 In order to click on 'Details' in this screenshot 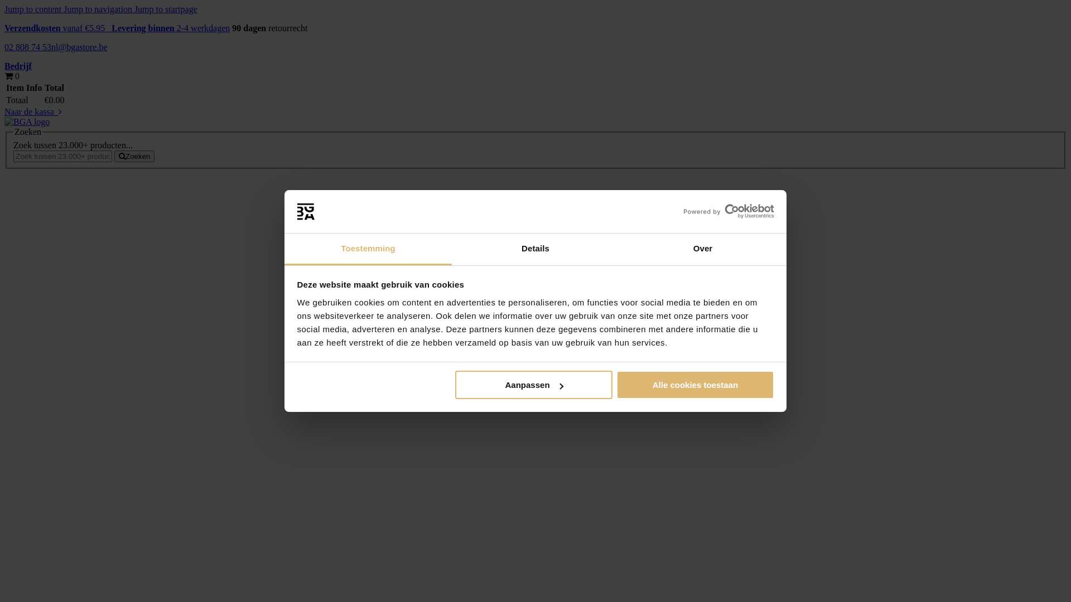, I will do `click(535, 249)`.